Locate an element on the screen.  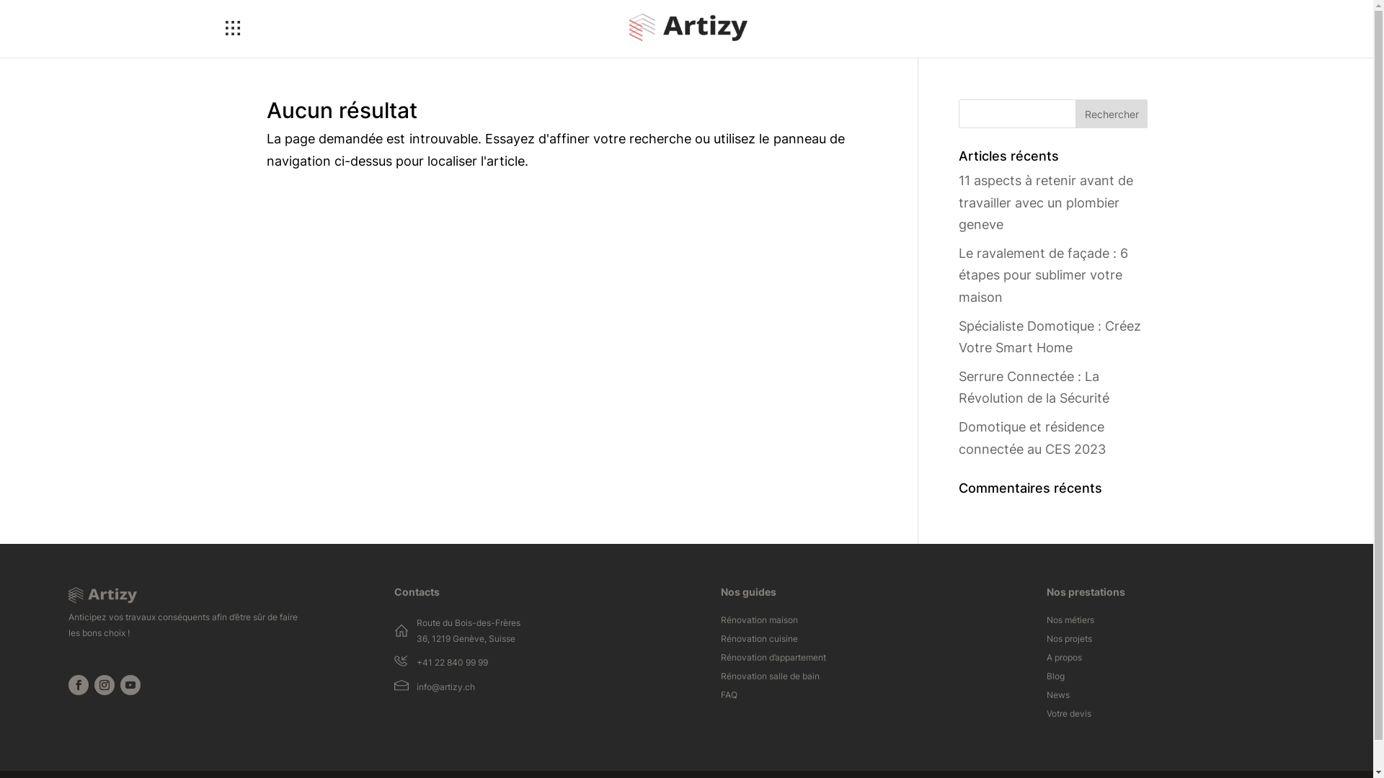
'A propos' is located at coordinates (1064, 661).